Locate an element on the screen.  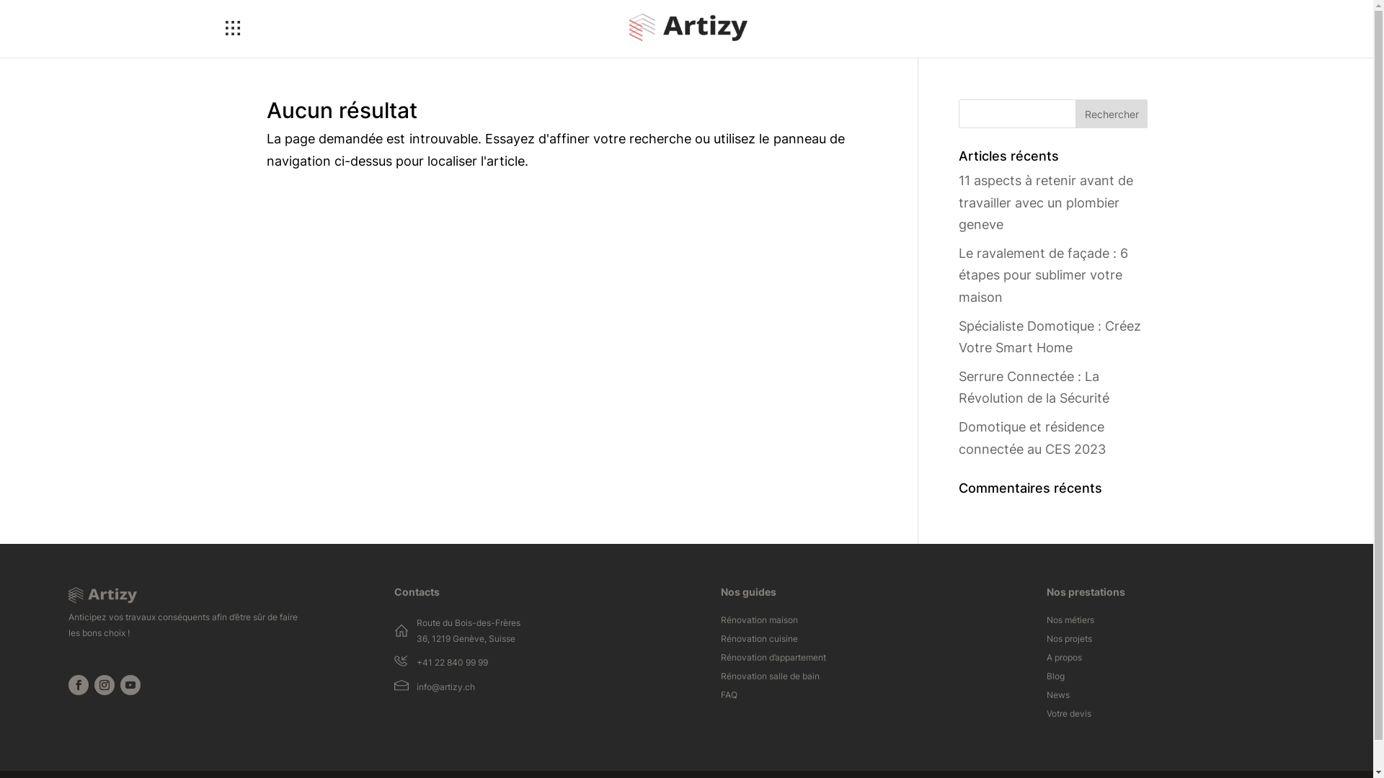
'A propos' is located at coordinates (1064, 661).